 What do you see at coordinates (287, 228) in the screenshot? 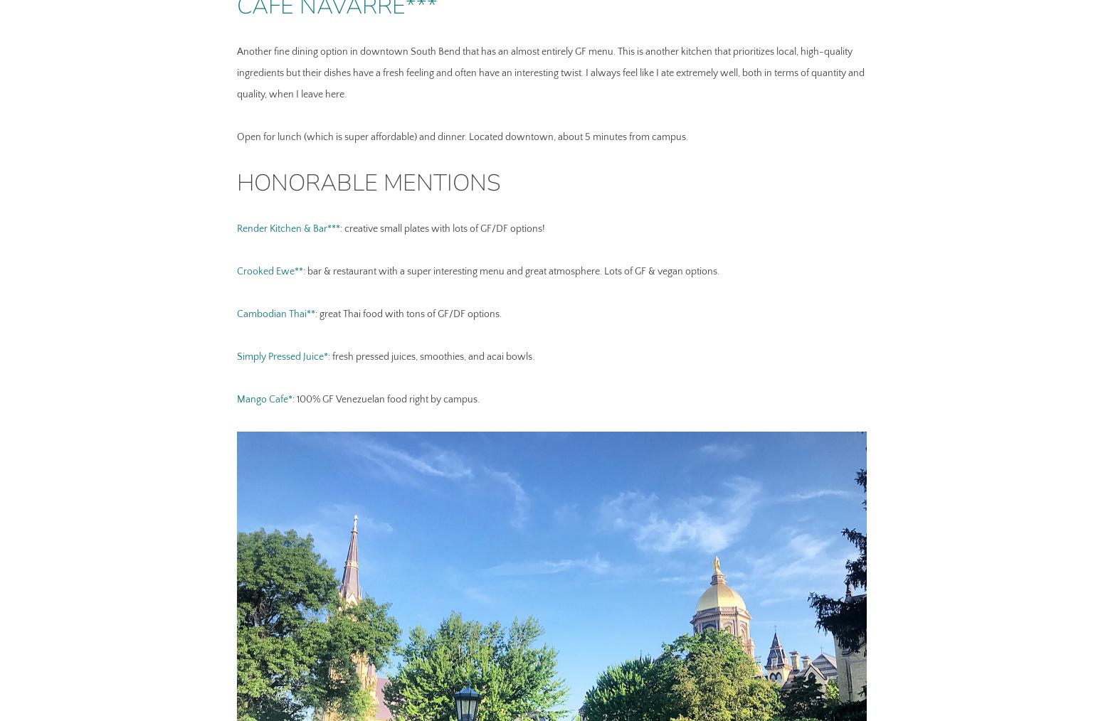
I see `'Render Kitchen & Bar***'` at bounding box center [287, 228].